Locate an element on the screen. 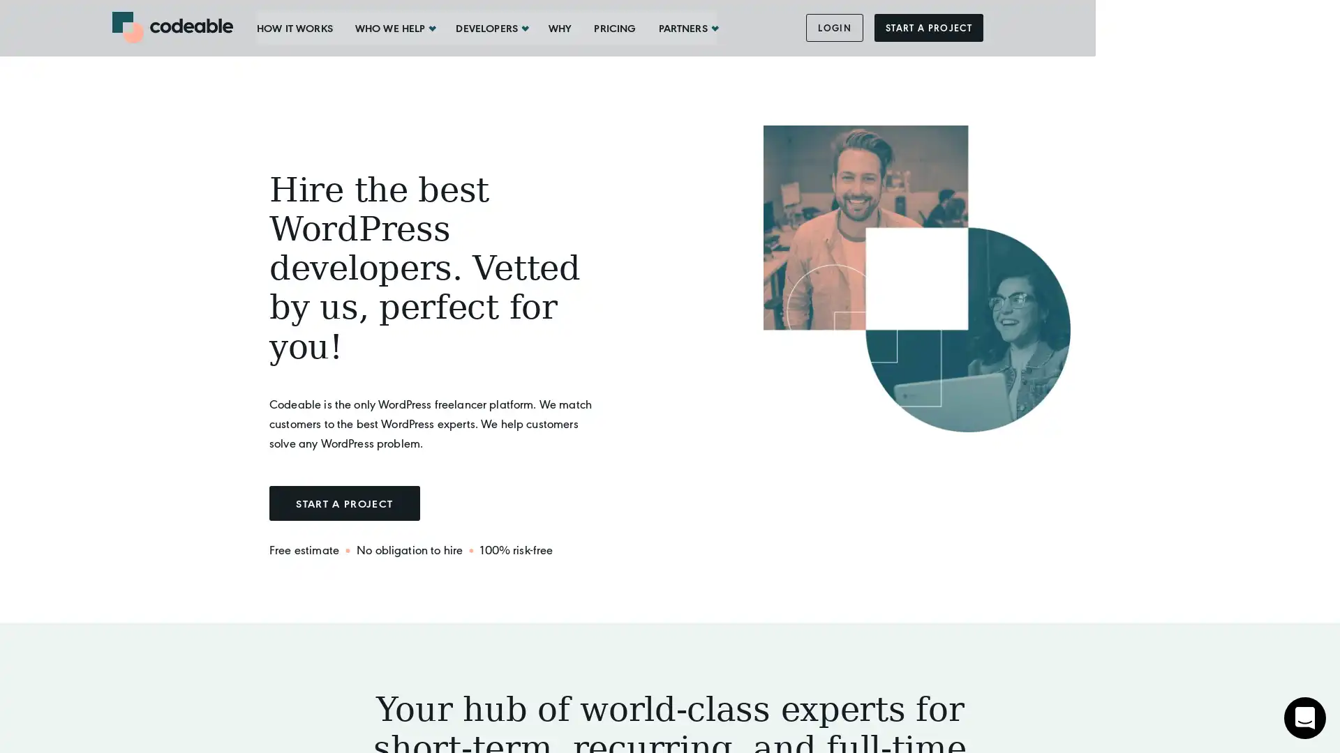 This screenshot has height=753, width=1340. START A PROJECT is located at coordinates (344, 503).